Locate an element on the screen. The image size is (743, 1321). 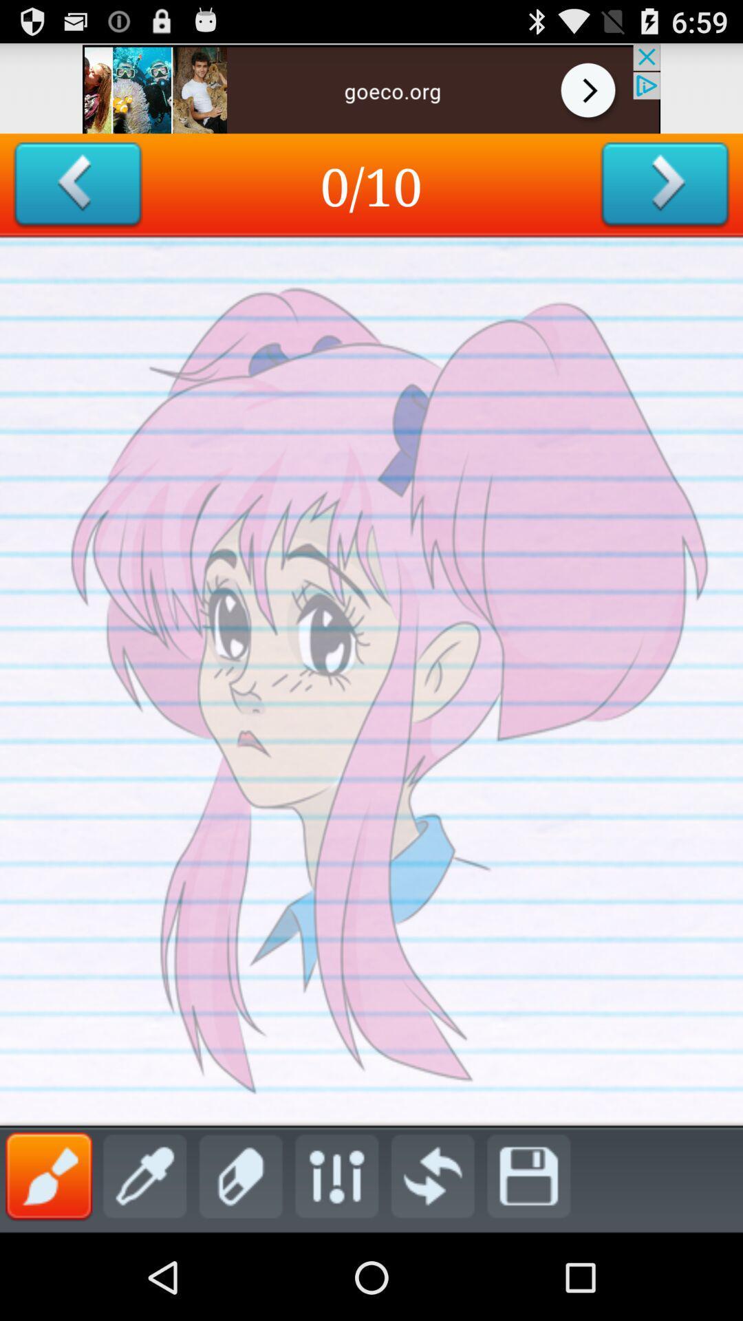
the save icon is located at coordinates (528, 1259).